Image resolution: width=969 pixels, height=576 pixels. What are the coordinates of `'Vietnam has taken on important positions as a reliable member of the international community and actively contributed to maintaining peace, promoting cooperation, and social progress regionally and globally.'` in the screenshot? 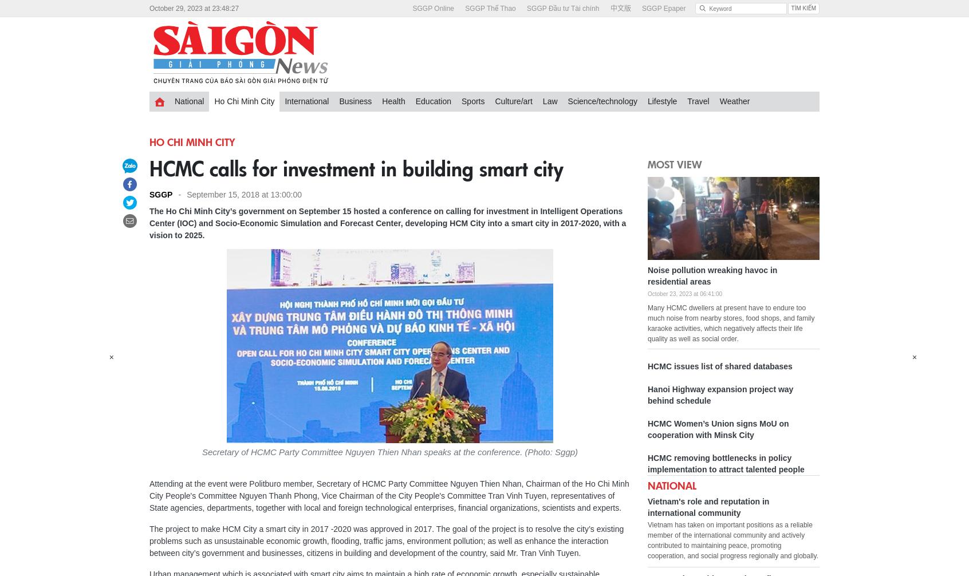 It's located at (647, 540).